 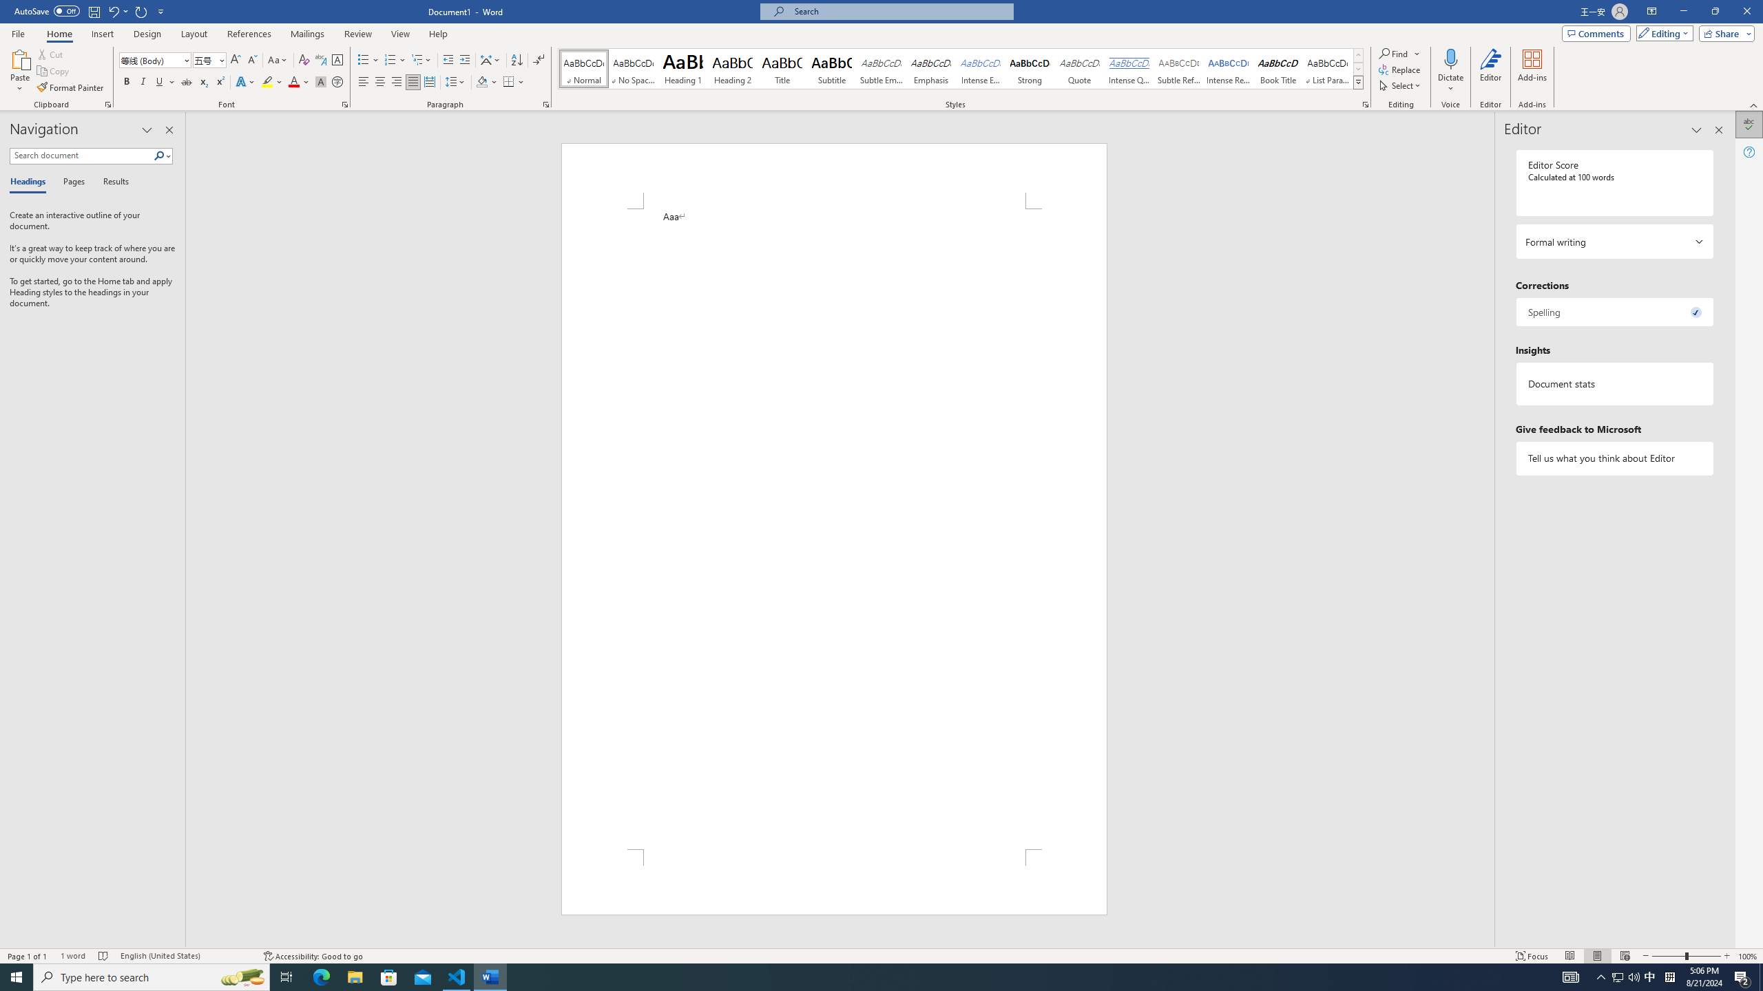 I want to click on 'Zoom', so click(x=1685, y=956).